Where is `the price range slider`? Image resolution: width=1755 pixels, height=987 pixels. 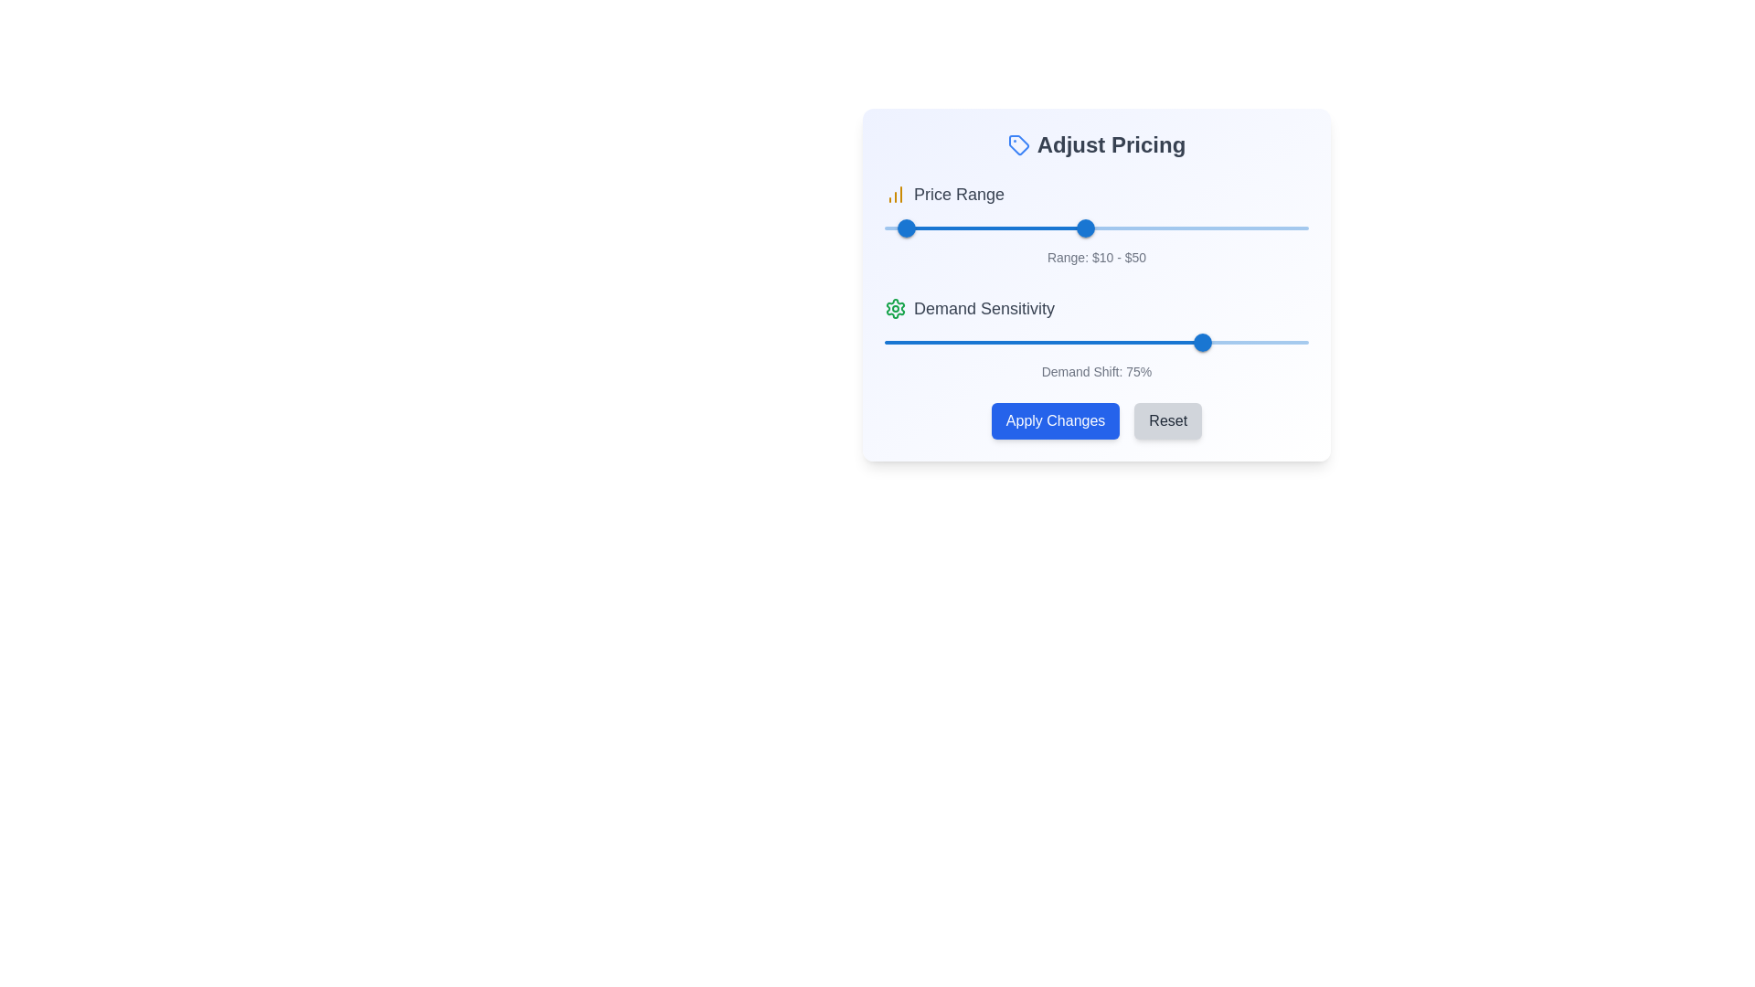 the price range slider is located at coordinates (1077, 228).